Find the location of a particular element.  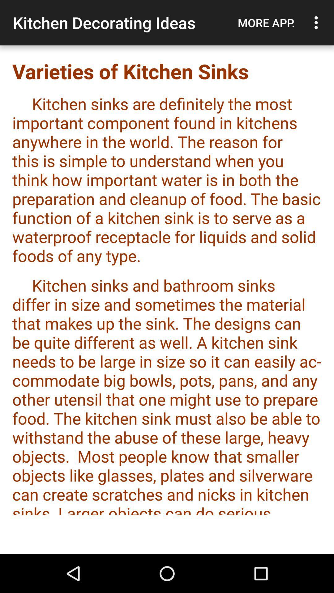

item above the varieties of kitchen app is located at coordinates (266, 23).